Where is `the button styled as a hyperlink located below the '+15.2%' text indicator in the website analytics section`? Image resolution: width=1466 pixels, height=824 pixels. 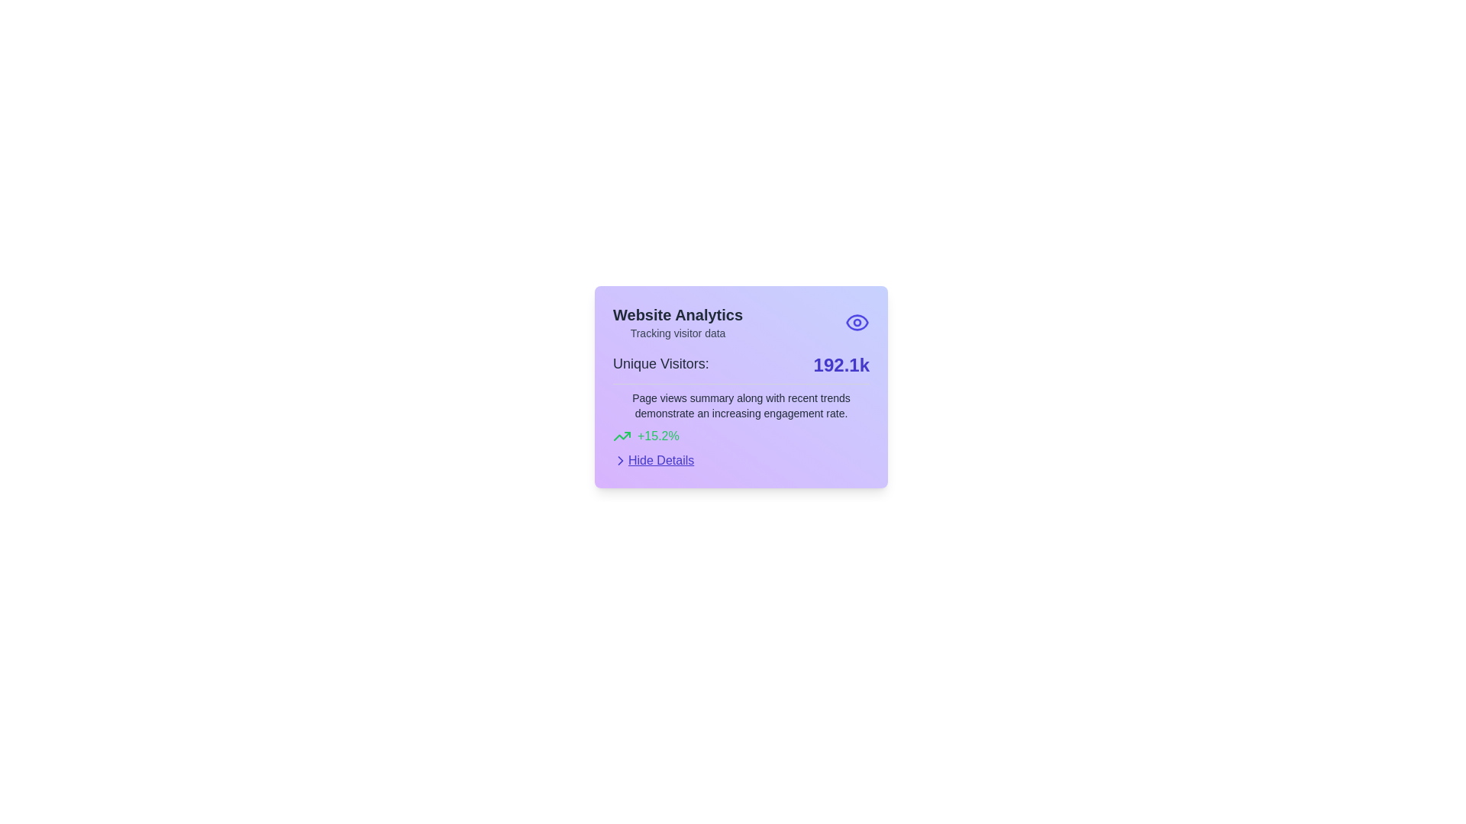 the button styled as a hyperlink located below the '+15.2%' text indicator in the website analytics section is located at coordinates (653, 460).